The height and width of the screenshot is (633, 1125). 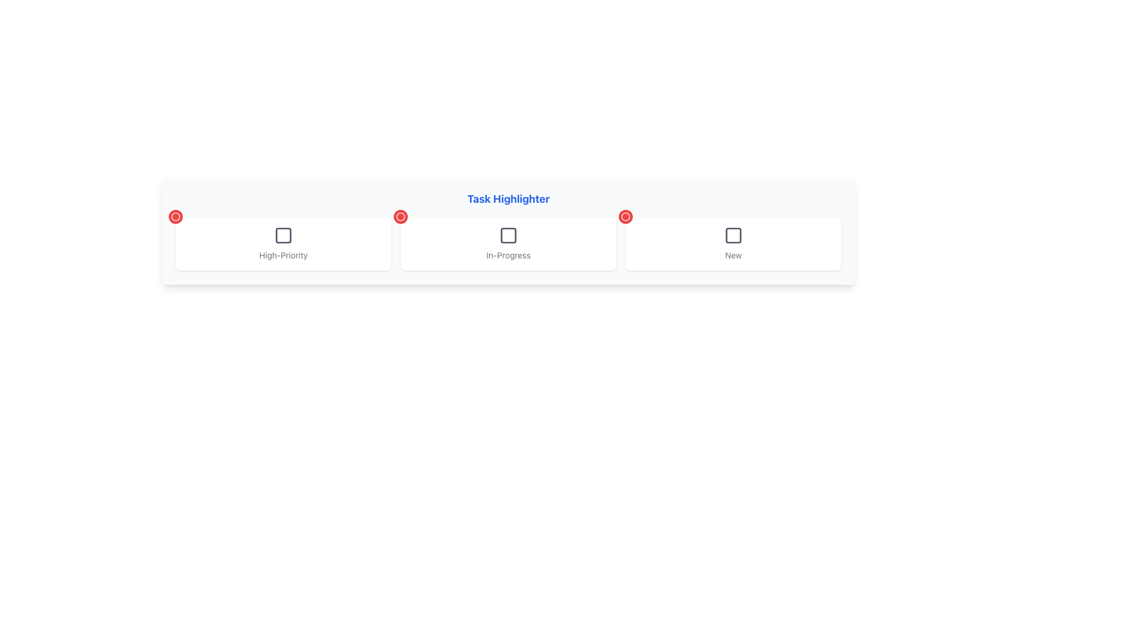 What do you see at coordinates (733, 235) in the screenshot?
I see `the 'New' category icon located in the rightmost card of a three-column layout` at bounding box center [733, 235].